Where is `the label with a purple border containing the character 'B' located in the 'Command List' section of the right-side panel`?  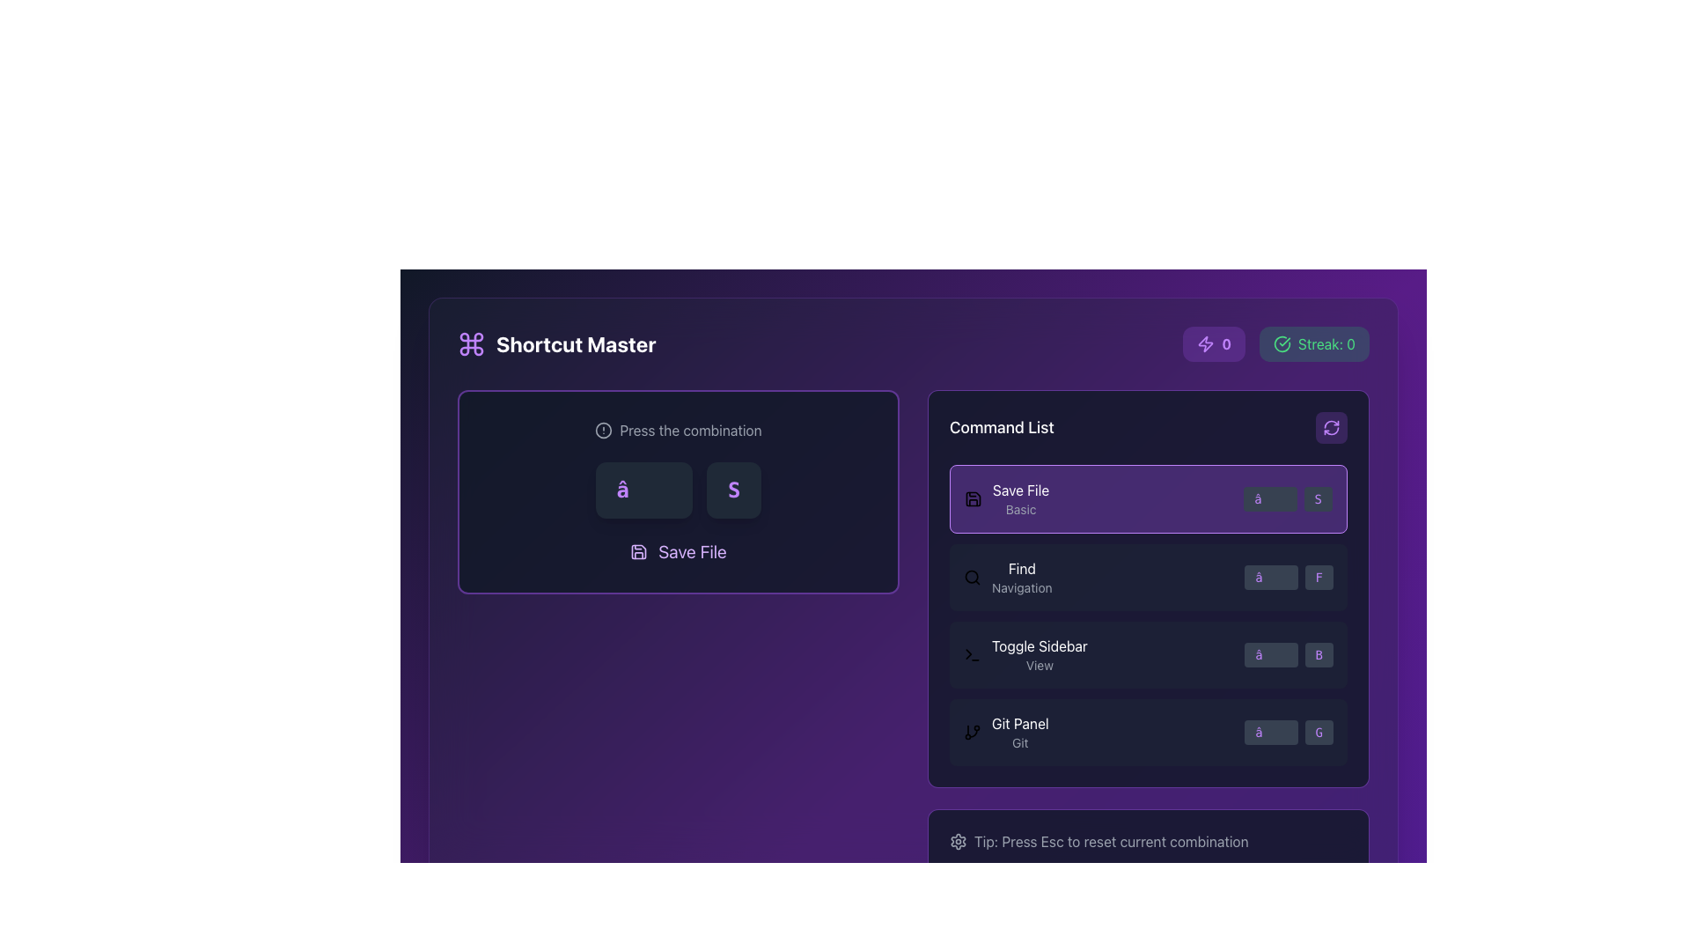
the label with a purple border containing the character 'B' located in the 'Command List' section of the right-side panel is located at coordinates (1319, 655).